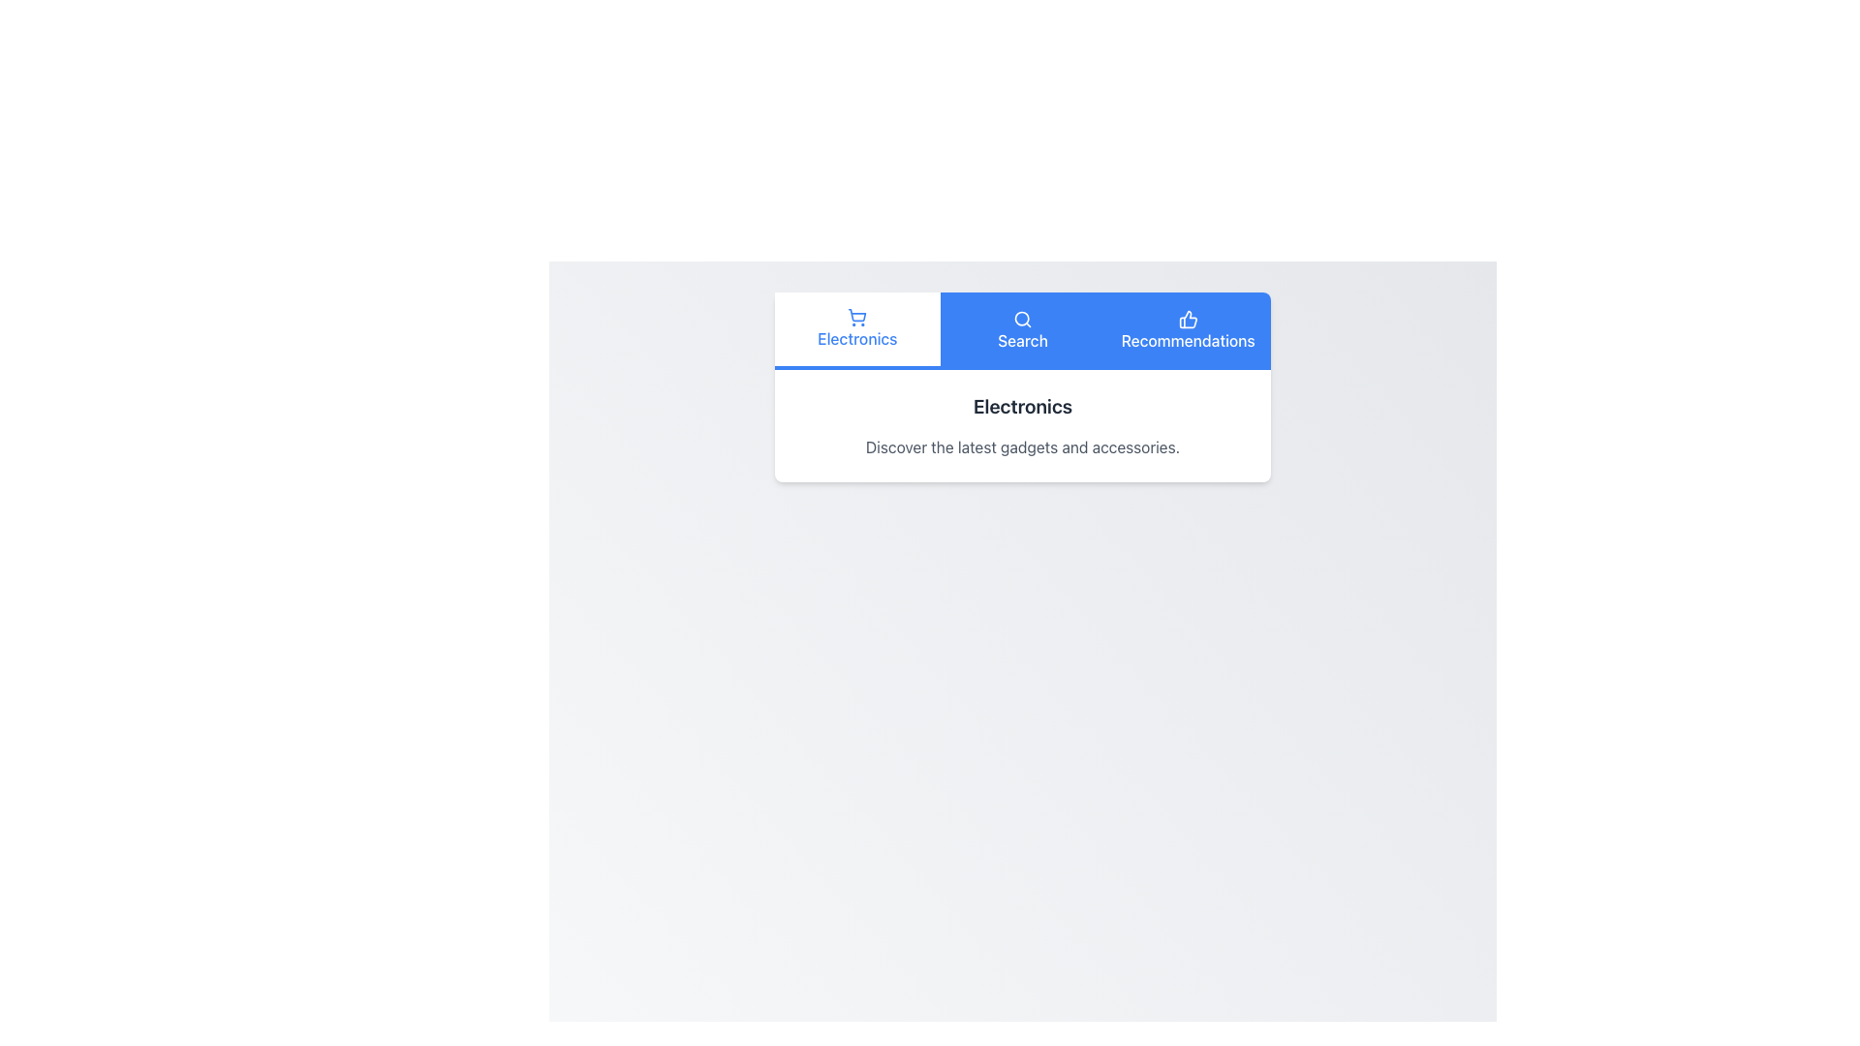 The width and height of the screenshot is (1860, 1046). Describe the element at coordinates (1022, 447) in the screenshot. I see `the static text element displaying 'Discover the latest gadgets and accessories.', which is positioned below the heading 'Electronics'` at that location.